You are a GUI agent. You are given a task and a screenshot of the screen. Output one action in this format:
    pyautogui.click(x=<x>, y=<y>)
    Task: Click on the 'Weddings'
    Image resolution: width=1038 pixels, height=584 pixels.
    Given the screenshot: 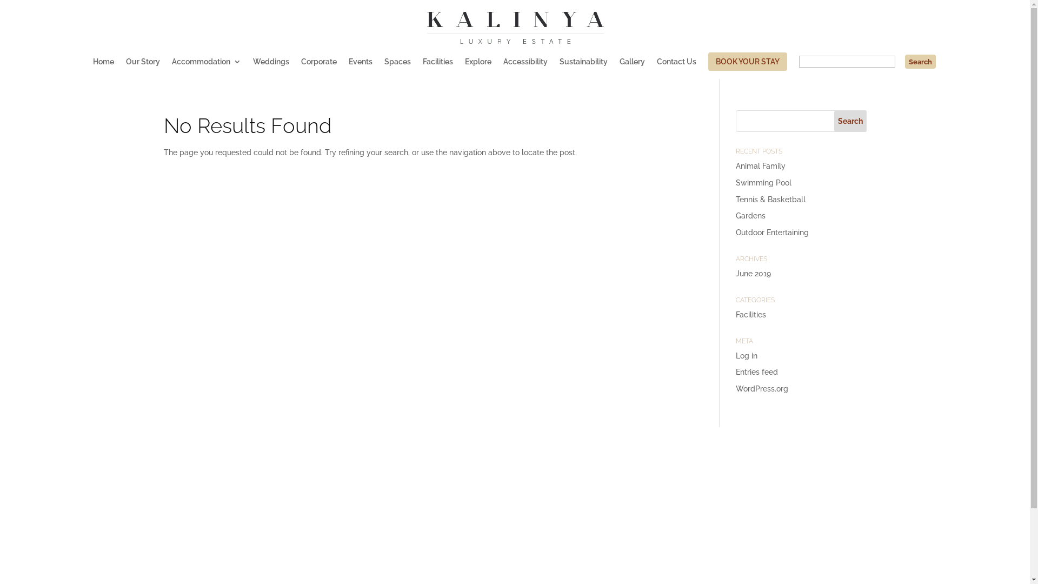 What is the action you would take?
    pyautogui.click(x=271, y=67)
    